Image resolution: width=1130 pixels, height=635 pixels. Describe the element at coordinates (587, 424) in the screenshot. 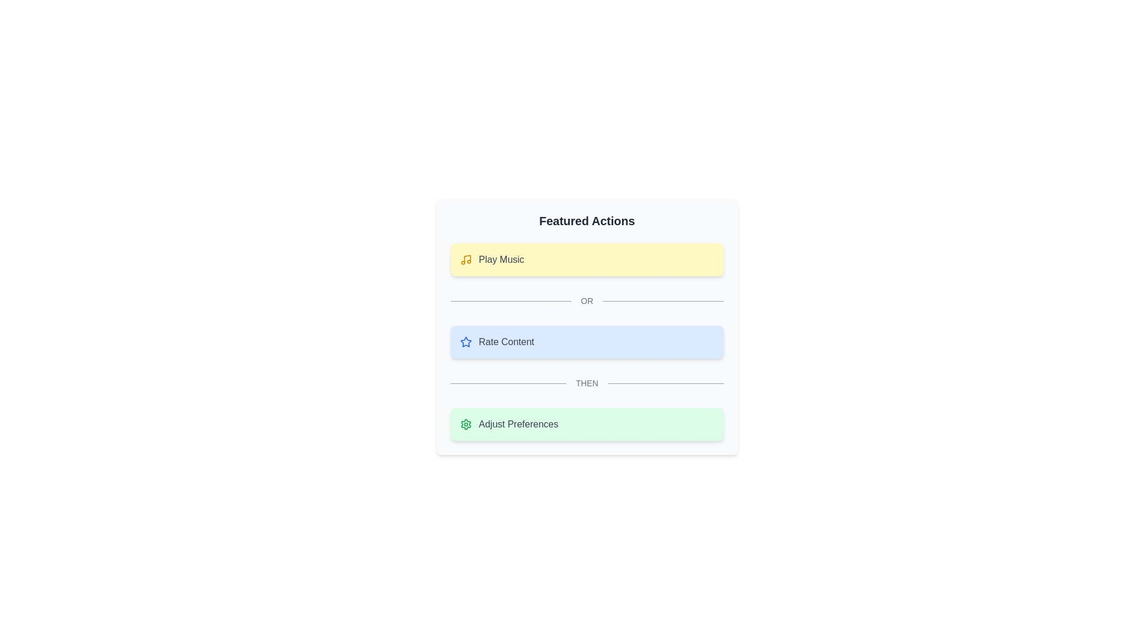

I see `the settings button, which is the third button in a vertical list below the 'THEN' separator` at that location.